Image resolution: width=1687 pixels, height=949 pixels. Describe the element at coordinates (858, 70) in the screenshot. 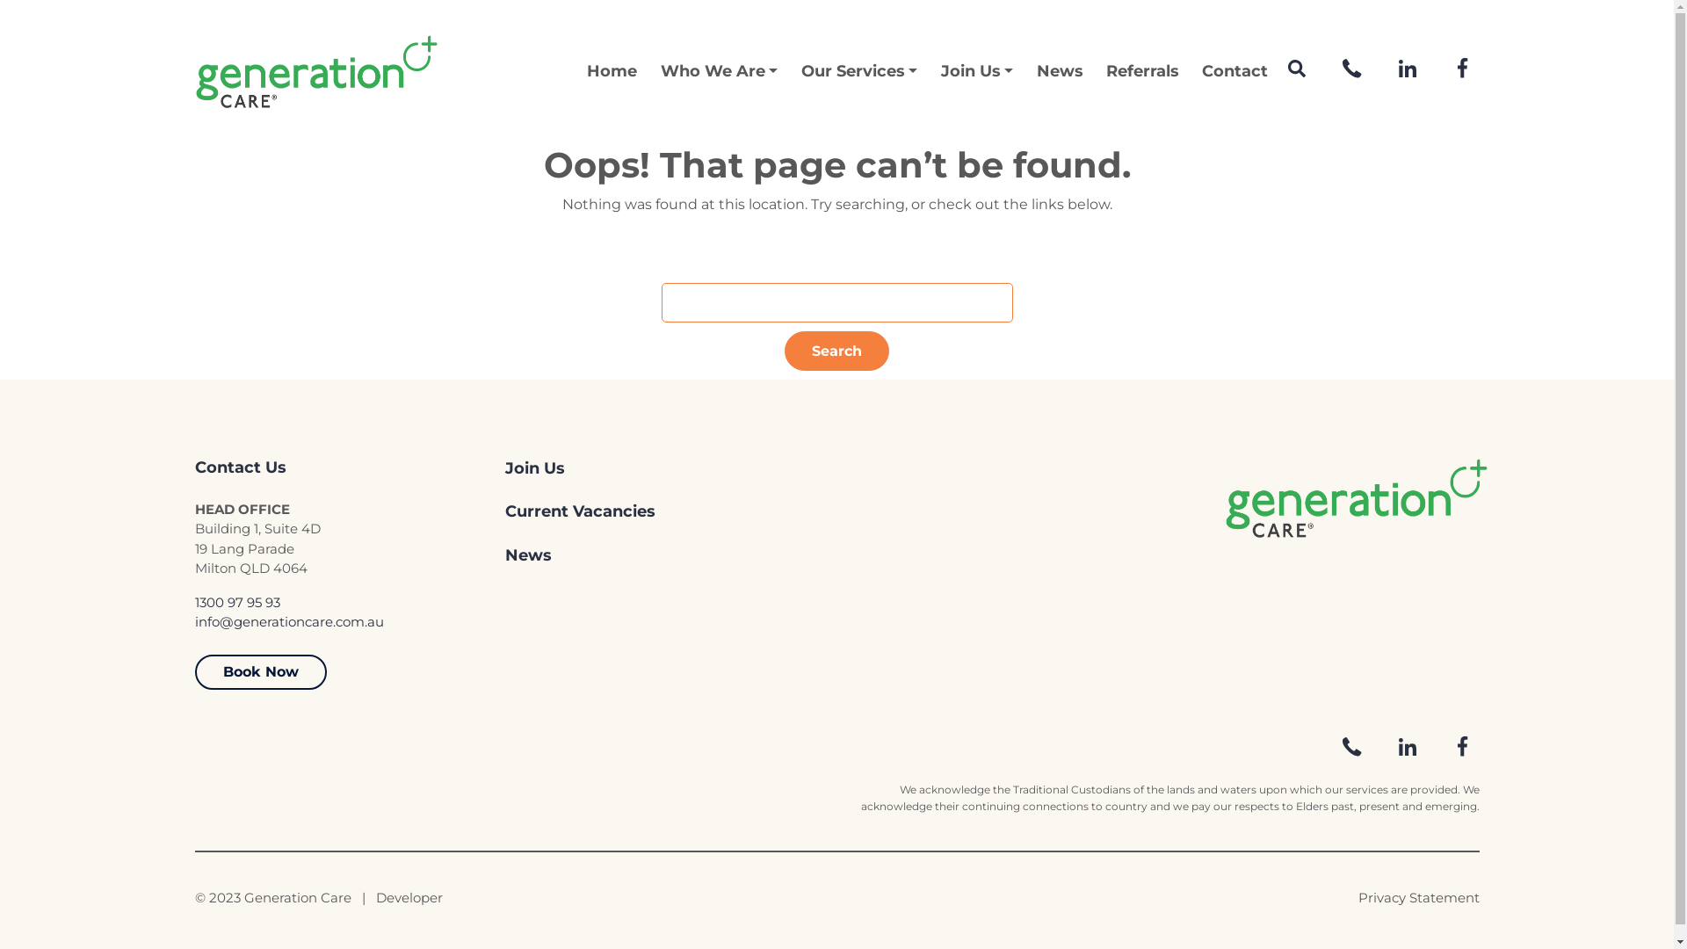

I see `'Our Services'` at that location.